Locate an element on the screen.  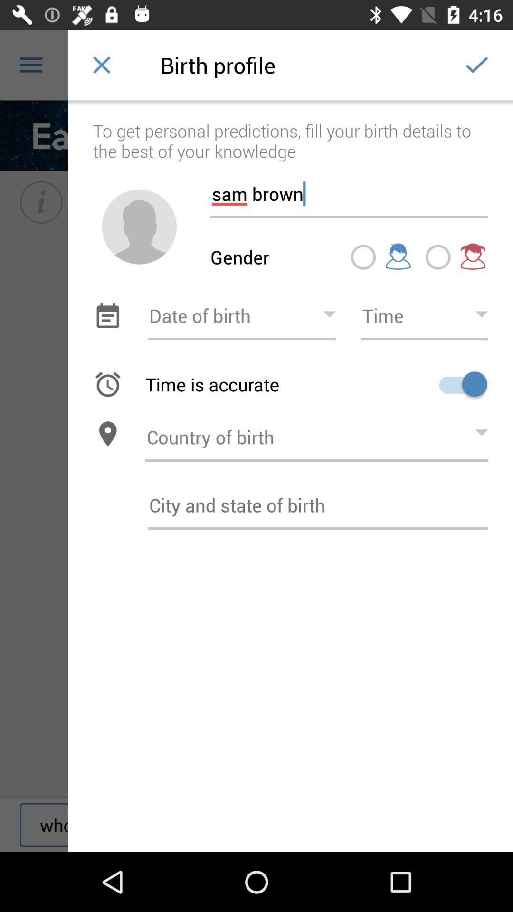
profile information is located at coordinates (318, 504).